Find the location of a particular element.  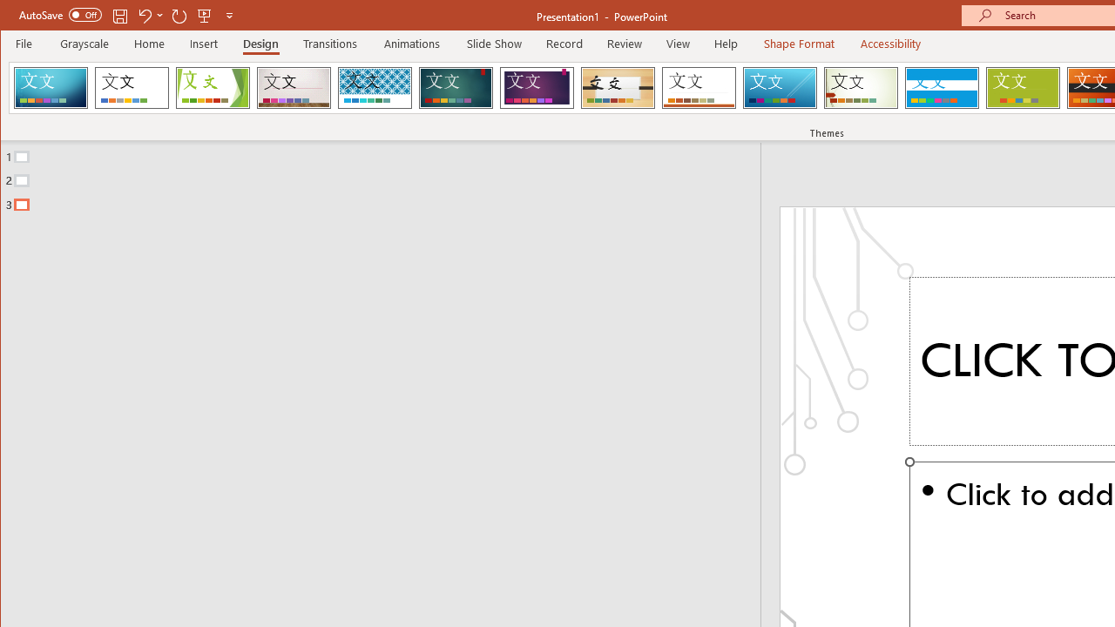

'Transitions' is located at coordinates (330, 43).